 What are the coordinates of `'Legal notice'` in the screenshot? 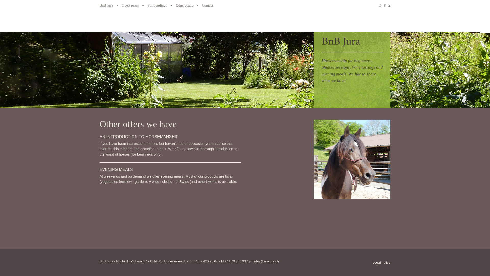 It's located at (381, 262).